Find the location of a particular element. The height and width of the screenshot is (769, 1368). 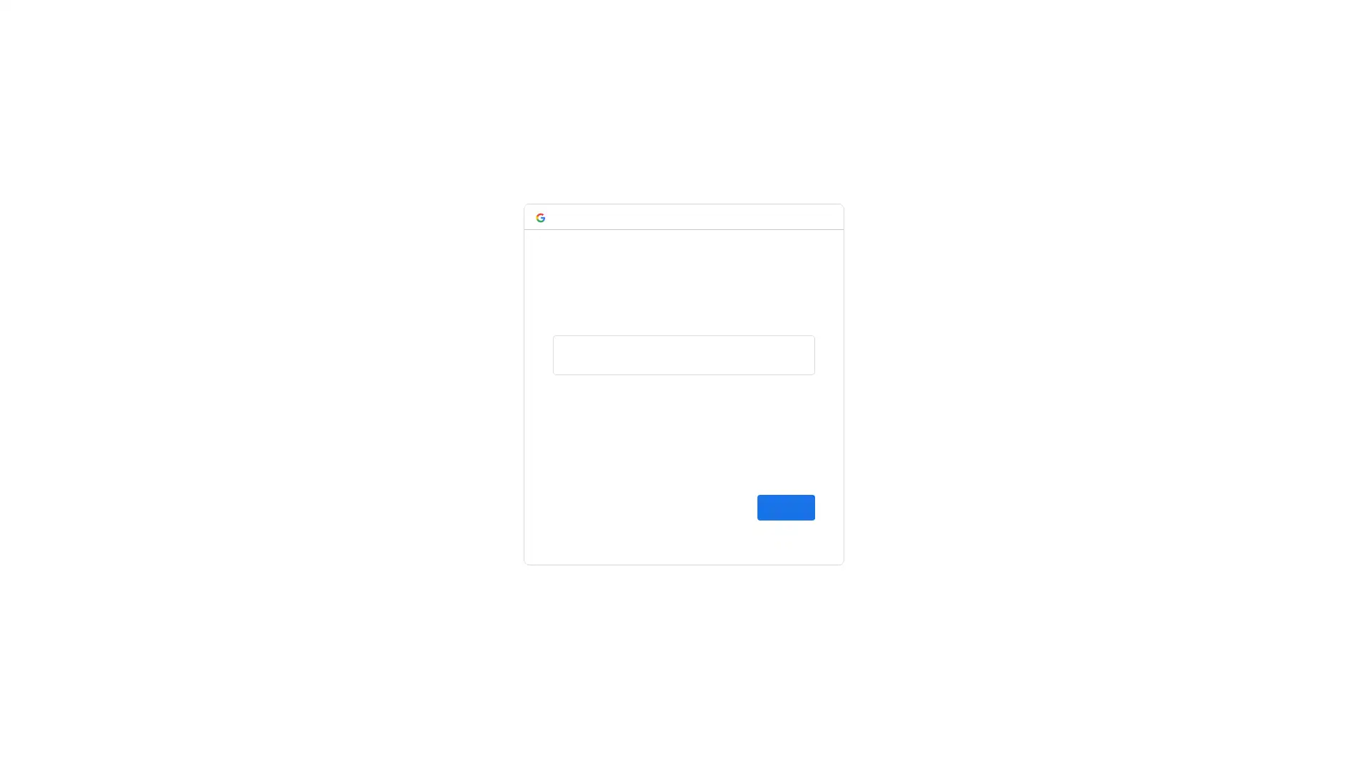

openspending.org is located at coordinates (720, 303).